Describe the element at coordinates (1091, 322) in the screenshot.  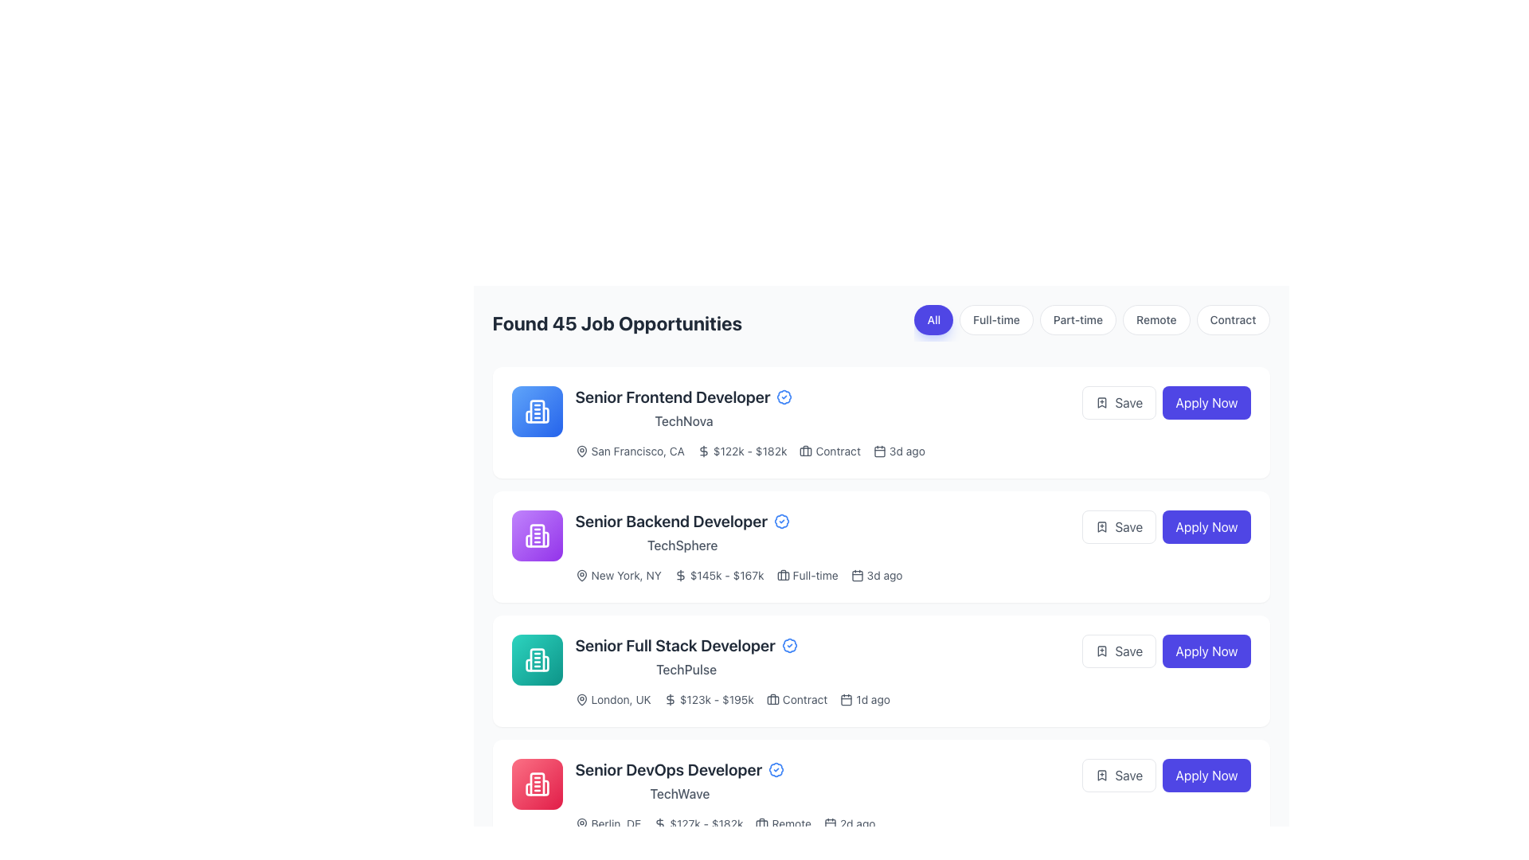
I see `the filter bar located beneath the title 'Found 45 Job Opportunities'` at that location.